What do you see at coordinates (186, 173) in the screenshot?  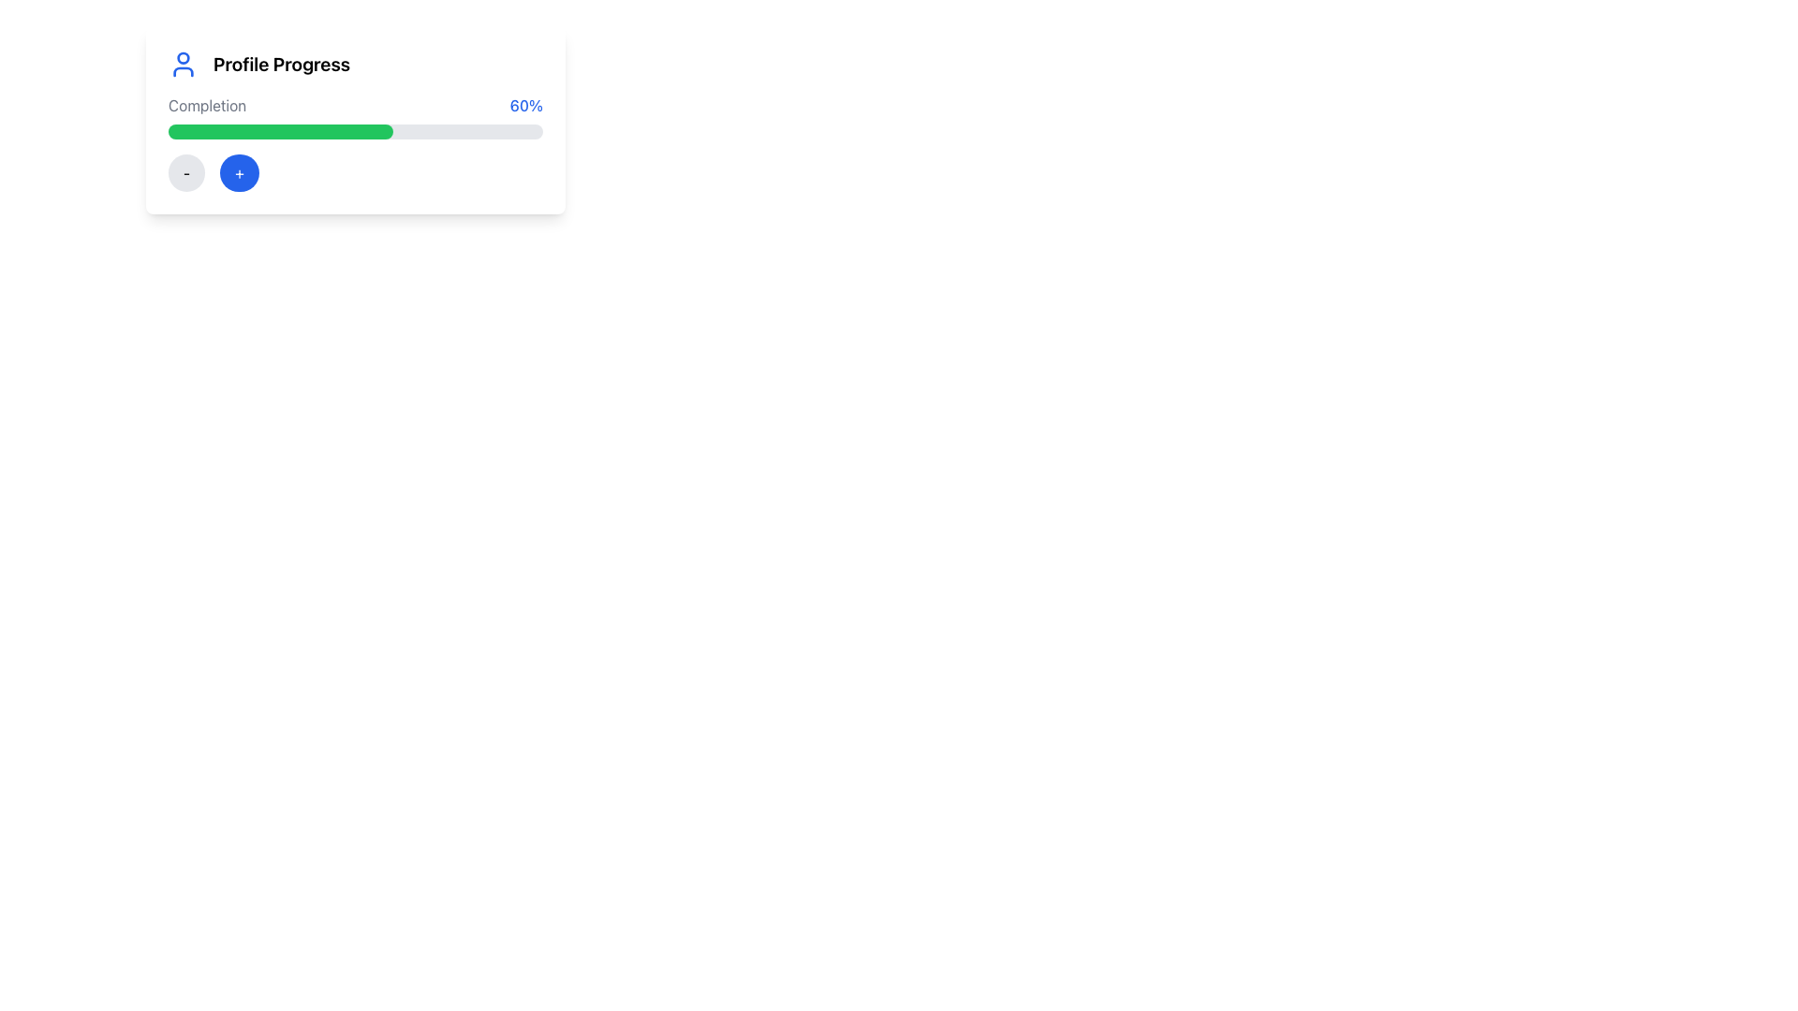 I see `the decrement button located below the 'Profile Progress' label to view the context menu` at bounding box center [186, 173].